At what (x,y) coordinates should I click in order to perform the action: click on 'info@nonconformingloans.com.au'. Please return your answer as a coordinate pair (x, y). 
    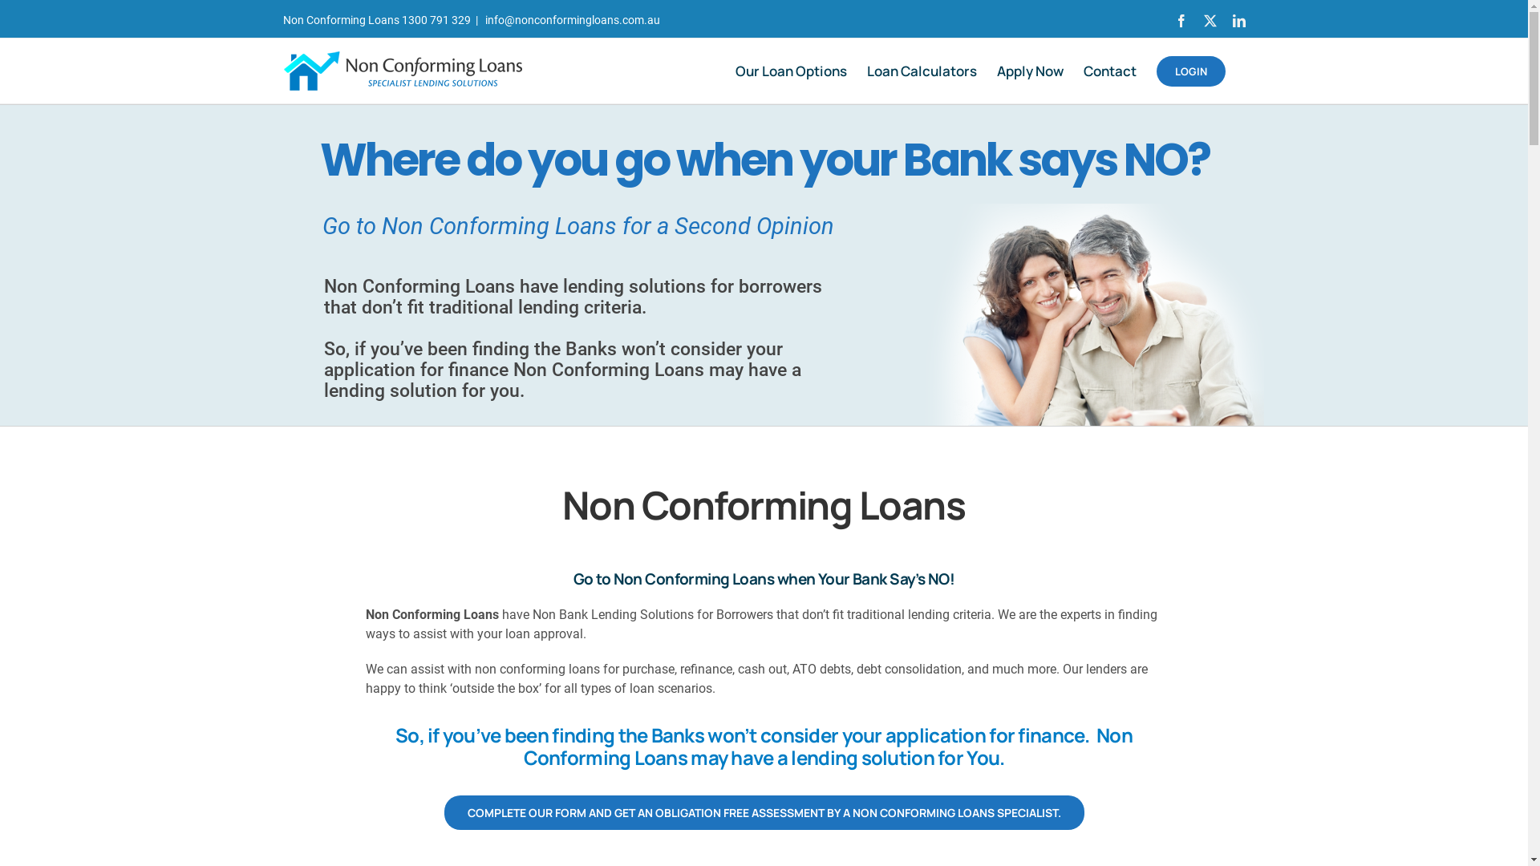
    Looking at the image, I should click on (571, 19).